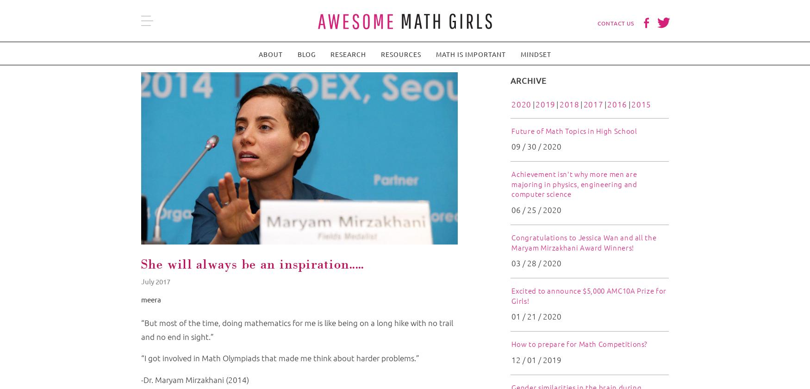  Describe the element at coordinates (579, 344) in the screenshot. I see `'How to prepare for Math Competitions?'` at that location.